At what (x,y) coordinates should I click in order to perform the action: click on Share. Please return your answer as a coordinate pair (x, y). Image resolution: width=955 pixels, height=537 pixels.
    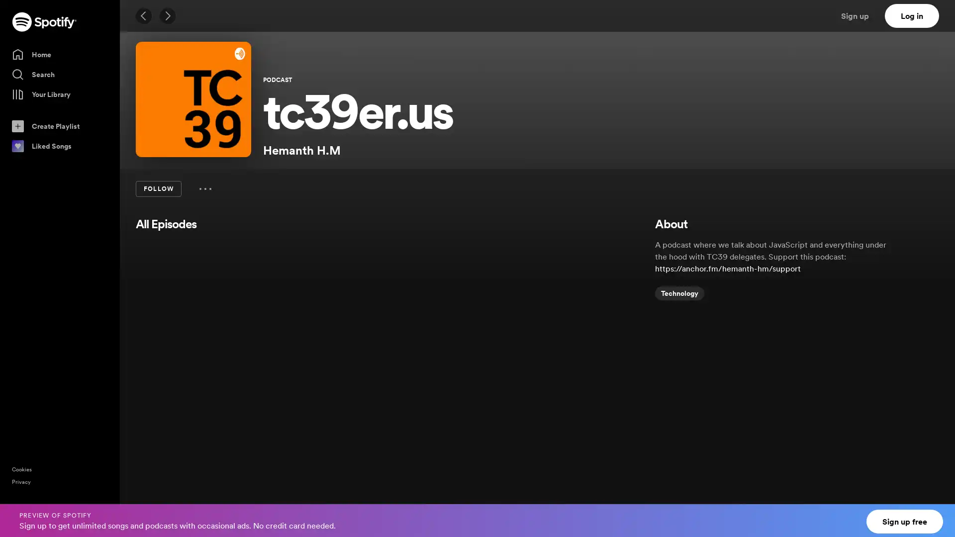
    Looking at the image, I should click on (587, 368).